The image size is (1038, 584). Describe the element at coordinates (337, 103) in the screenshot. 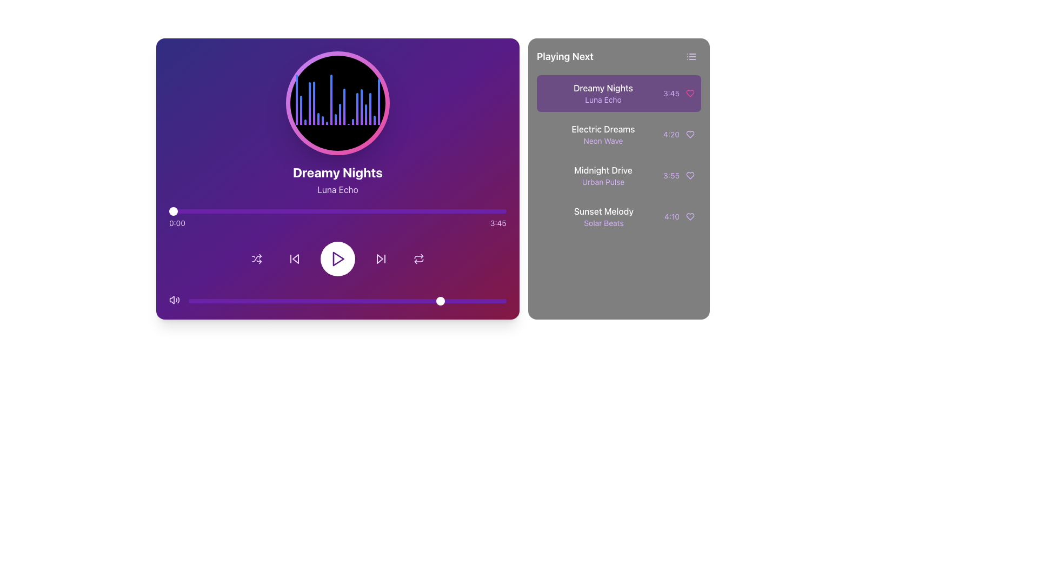

I see `the dynamic visual component, specifically the music equalizer visualization, which is a circular area with a black background and vertical gradient bars, located at the top-center of the music player interface` at that location.